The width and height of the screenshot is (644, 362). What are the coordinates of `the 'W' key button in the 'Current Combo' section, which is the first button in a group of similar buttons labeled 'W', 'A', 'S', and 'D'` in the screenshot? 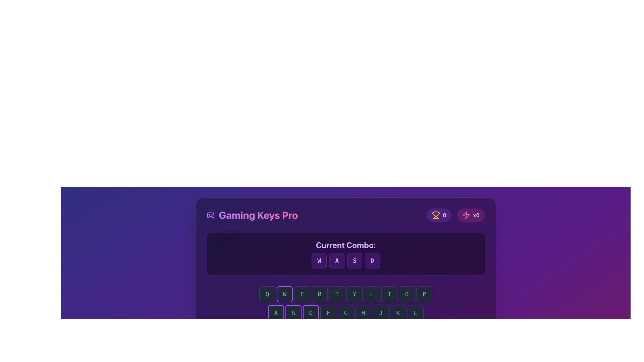 It's located at (319, 260).